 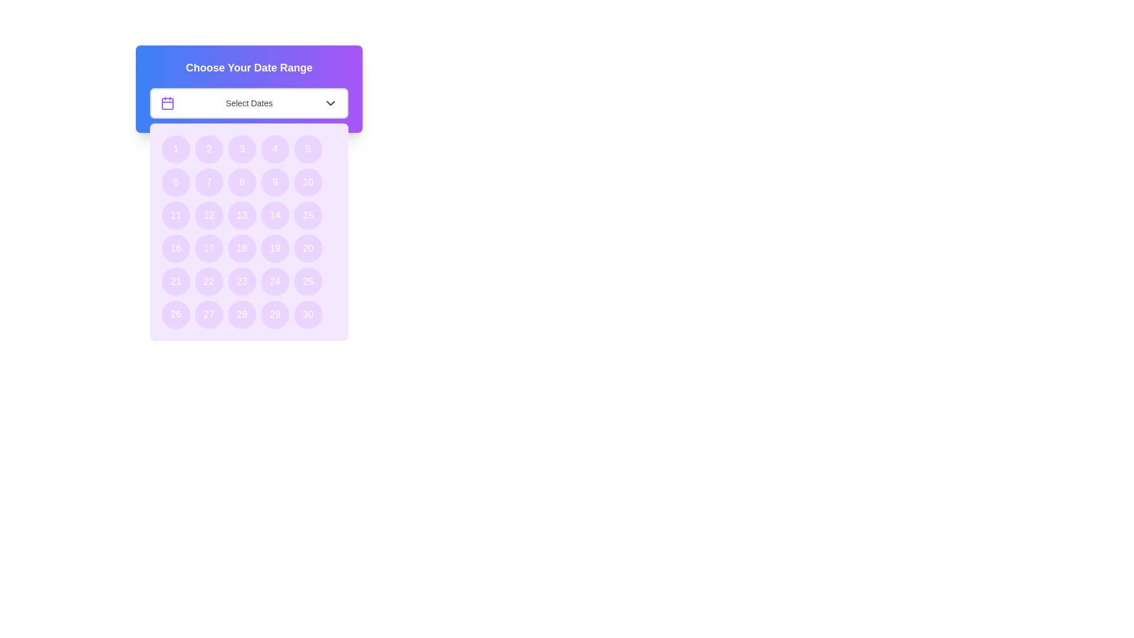 What do you see at coordinates (241, 248) in the screenshot?
I see `the button that allows users to select the 18th day of the displayed month in the date picker grid, located in the fourth row and third column` at bounding box center [241, 248].